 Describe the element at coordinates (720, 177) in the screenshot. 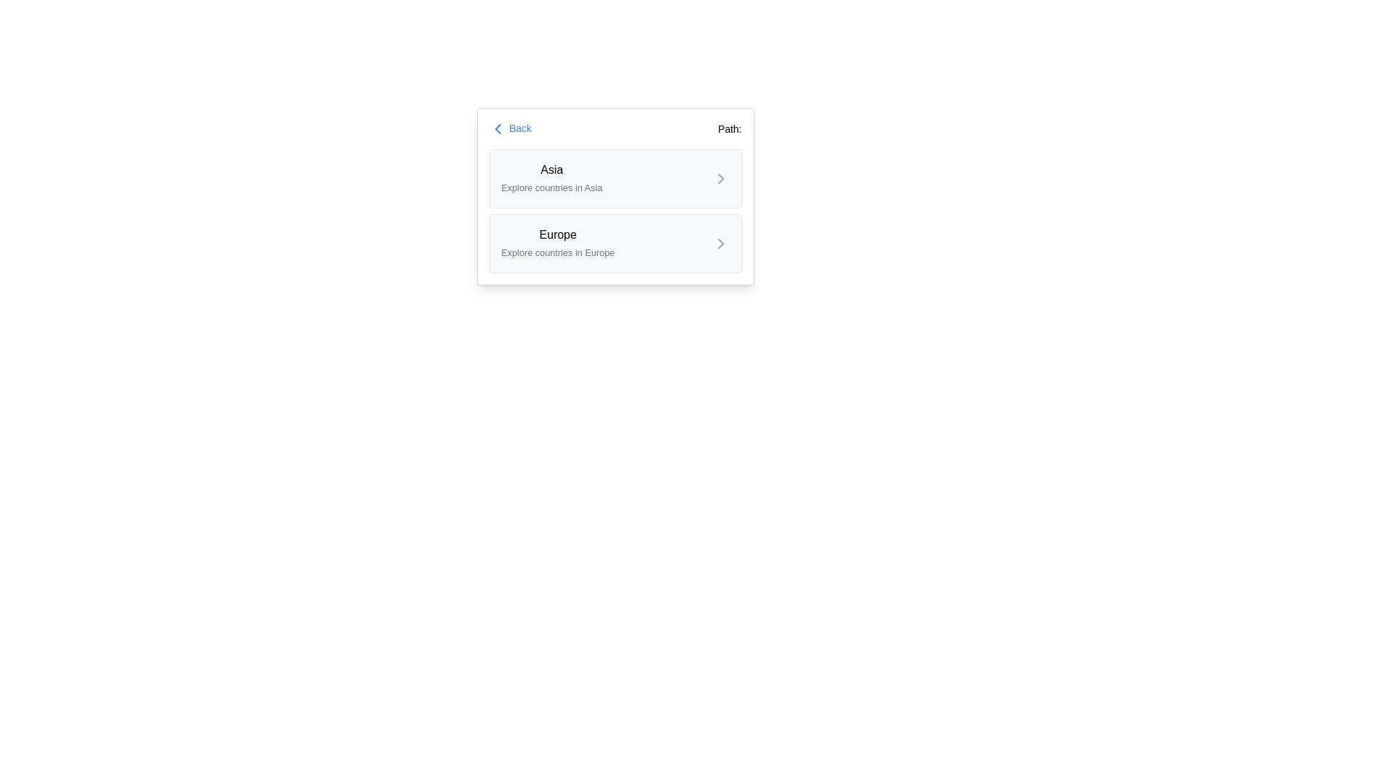

I see `the triangular right-pointing chevron icon located to the right of the 'Asia' text in the first list item of the displayed pane` at that location.